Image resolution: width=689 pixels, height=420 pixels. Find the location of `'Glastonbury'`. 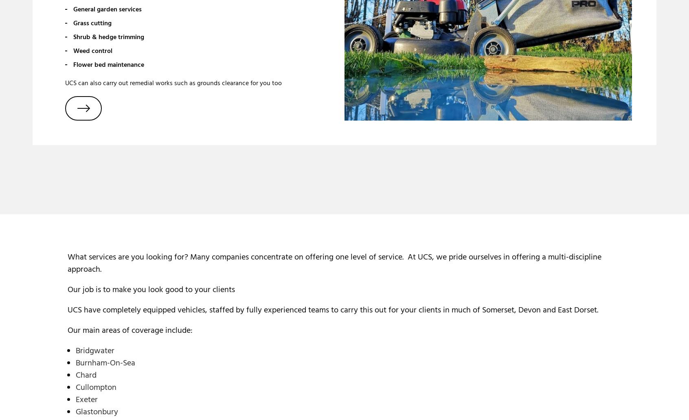

'Glastonbury' is located at coordinates (97, 411).